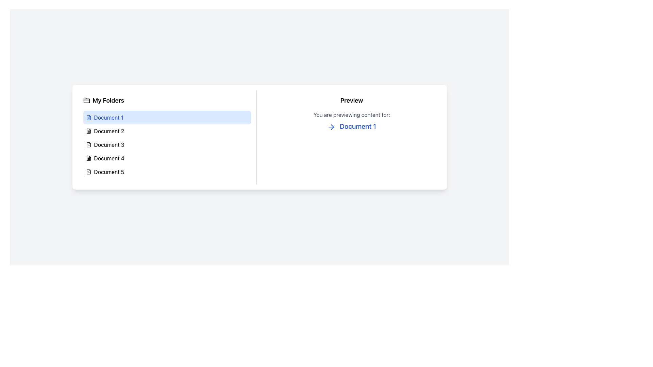 The image size is (653, 367). I want to click on the small file icon representing the document, located to the immediate left of the text 'Document 5', which is the fifth item in the list, so click(88, 171).